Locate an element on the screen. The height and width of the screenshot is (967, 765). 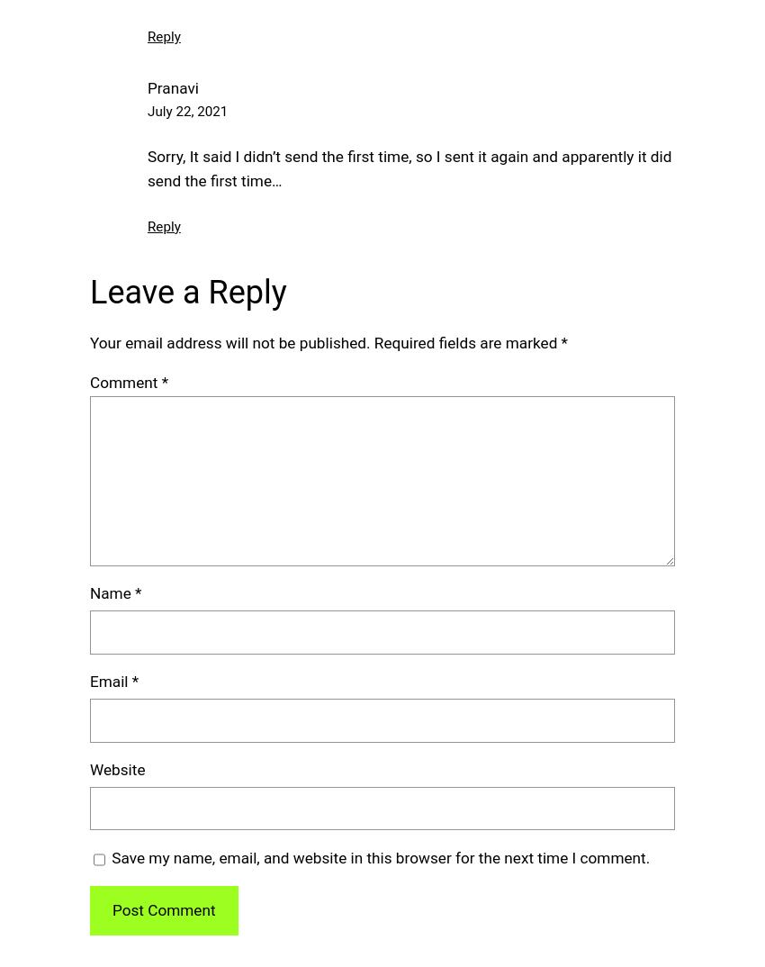
'Website' is located at coordinates (117, 769).